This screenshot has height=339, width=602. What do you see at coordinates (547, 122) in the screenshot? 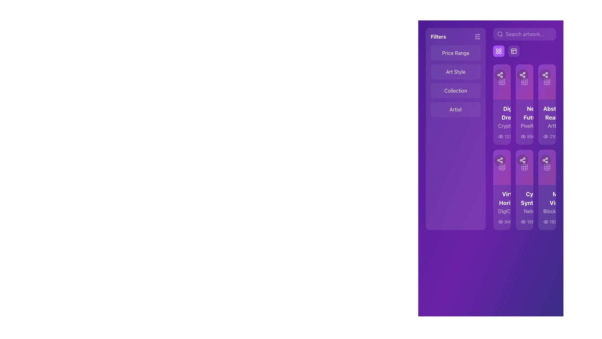
I see `the third card titled 'Abstract Realms' in a vertical list` at bounding box center [547, 122].